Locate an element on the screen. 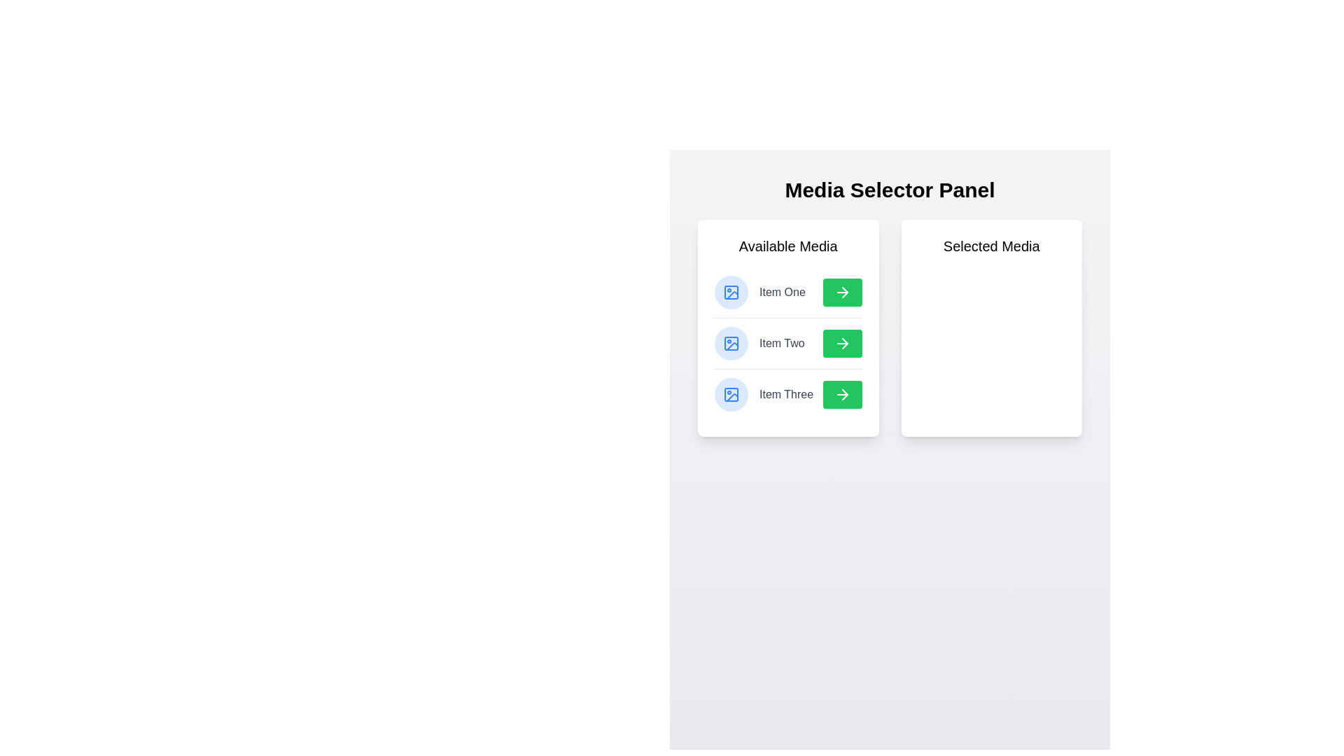 This screenshot has height=756, width=1344. the right-arrow icon embedded within the button next to 'Item One' is located at coordinates (841, 291).